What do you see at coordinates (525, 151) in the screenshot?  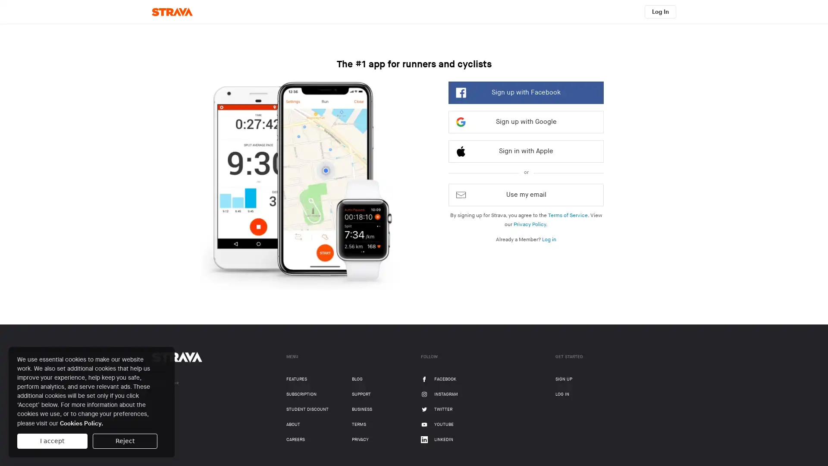 I see `Sign in with Apple` at bounding box center [525, 151].